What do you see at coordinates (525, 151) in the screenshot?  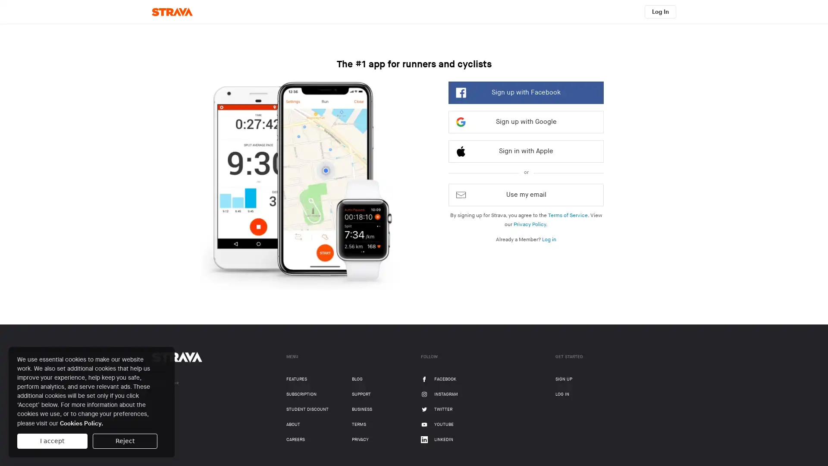 I see `Sign in with Apple` at bounding box center [525, 151].